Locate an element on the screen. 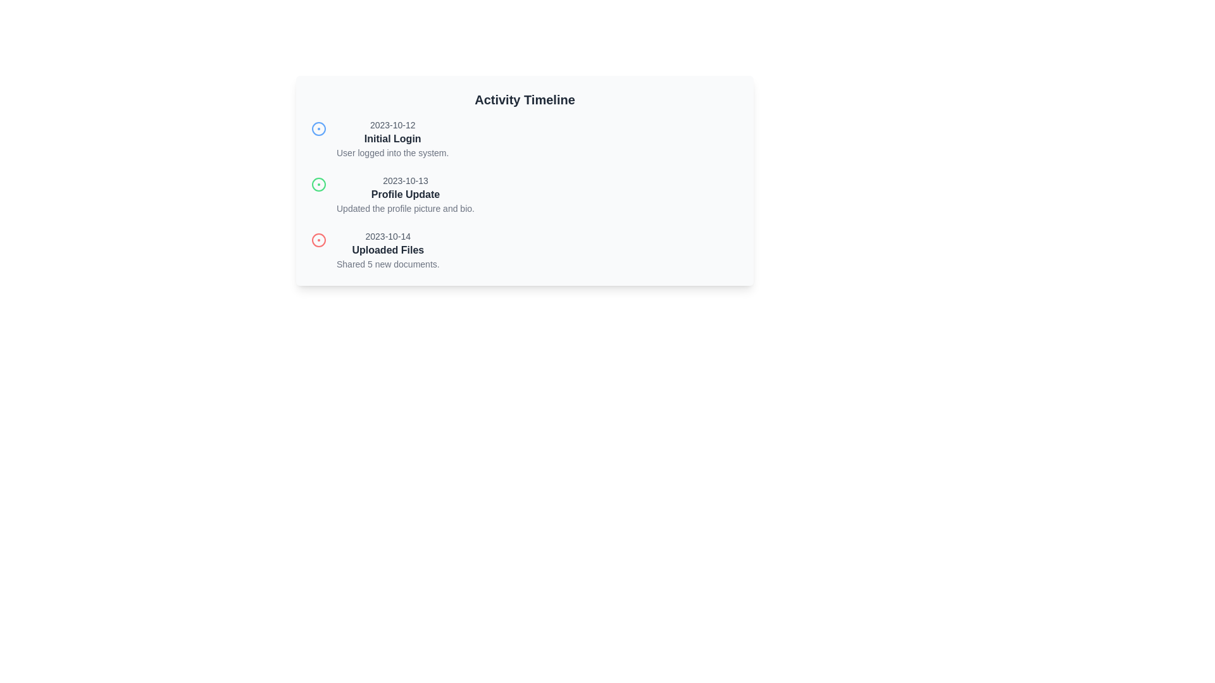 Image resolution: width=1215 pixels, height=683 pixels. the SVG Circle marker with a green outline and white fill, which is the second marker in the timeline for the '2023-10-13 Profile Update' entry is located at coordinates (319, 185).